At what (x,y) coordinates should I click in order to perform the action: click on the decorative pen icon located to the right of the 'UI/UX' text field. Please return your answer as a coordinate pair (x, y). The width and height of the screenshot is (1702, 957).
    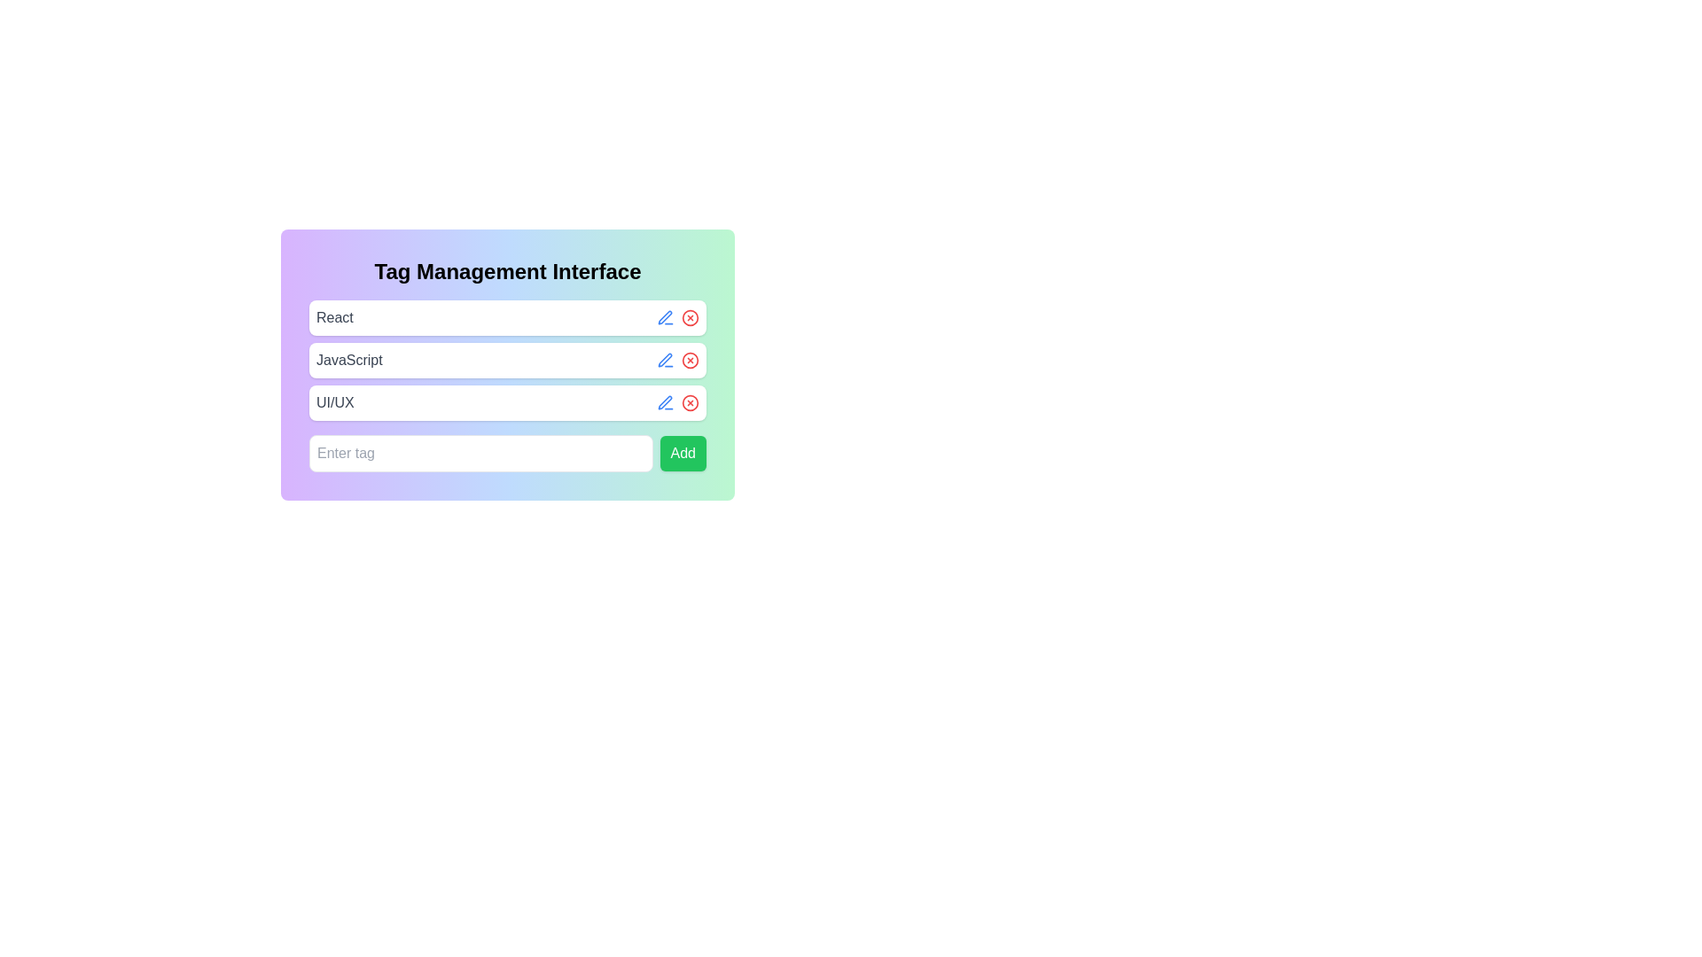
    Looking at the image, I should click on (664, 402).